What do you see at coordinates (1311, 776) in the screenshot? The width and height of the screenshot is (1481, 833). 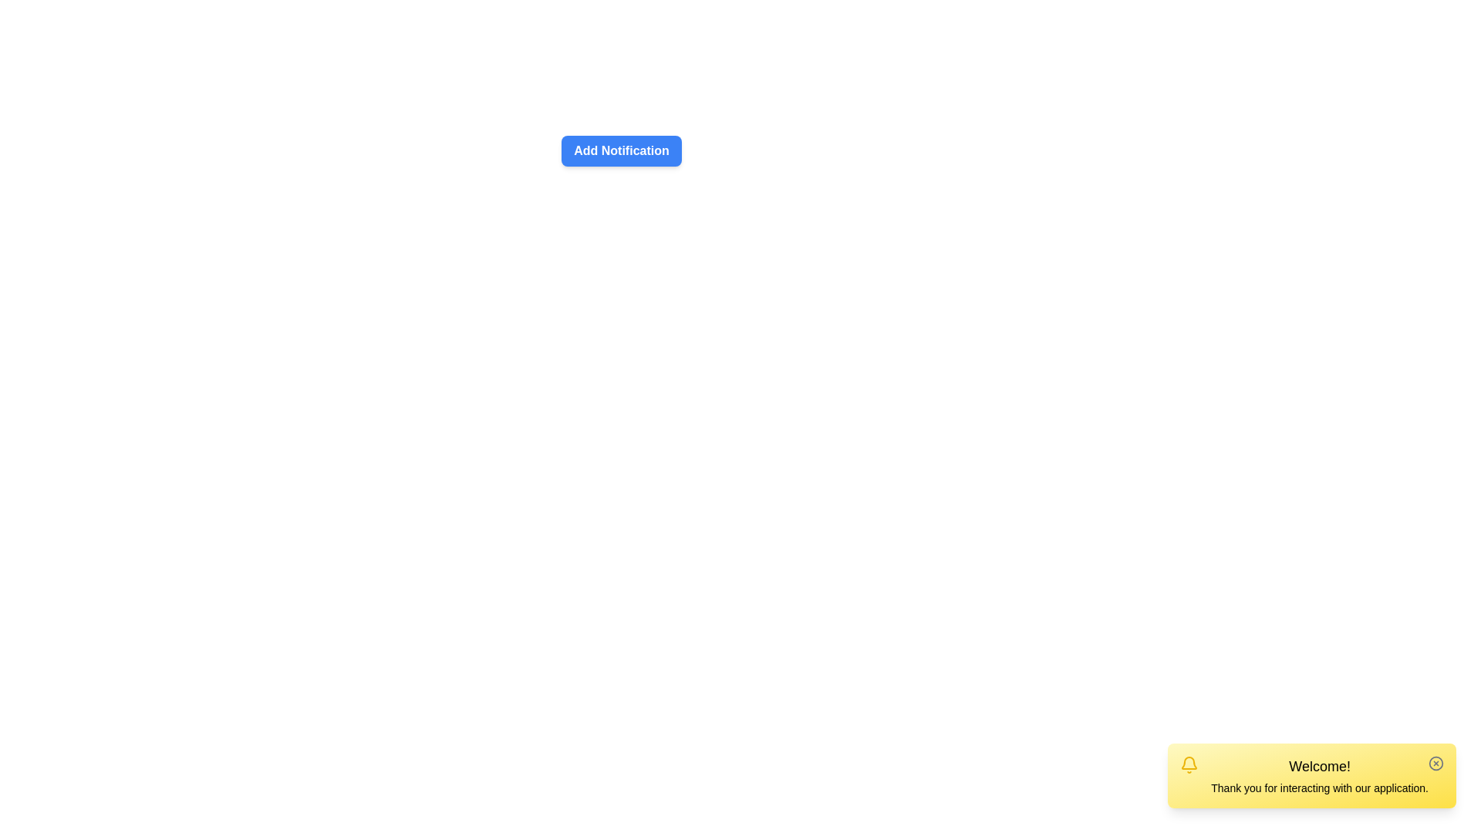 I see `the Notification Box located at the bottom-right corner of the viewport, which greets the user and provides feedback about their interaction with the application` at bounding box center [1311, 776].